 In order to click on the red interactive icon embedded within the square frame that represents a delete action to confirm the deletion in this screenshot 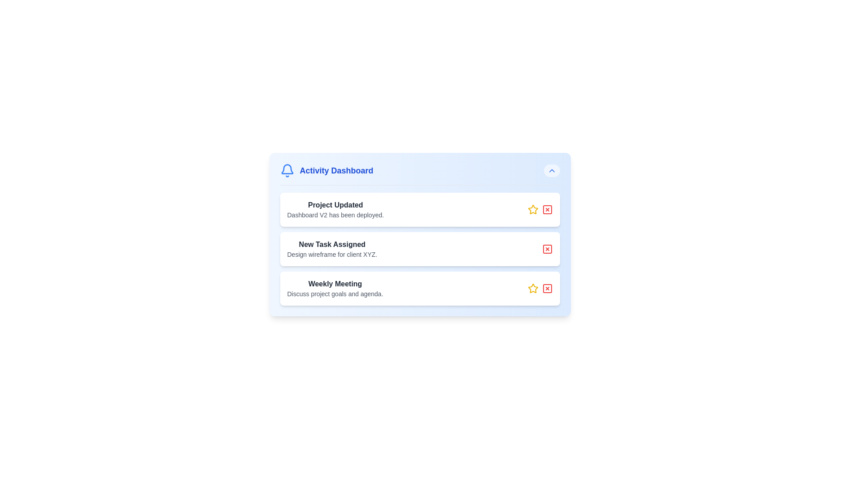, I will do `click(547, 289)`.